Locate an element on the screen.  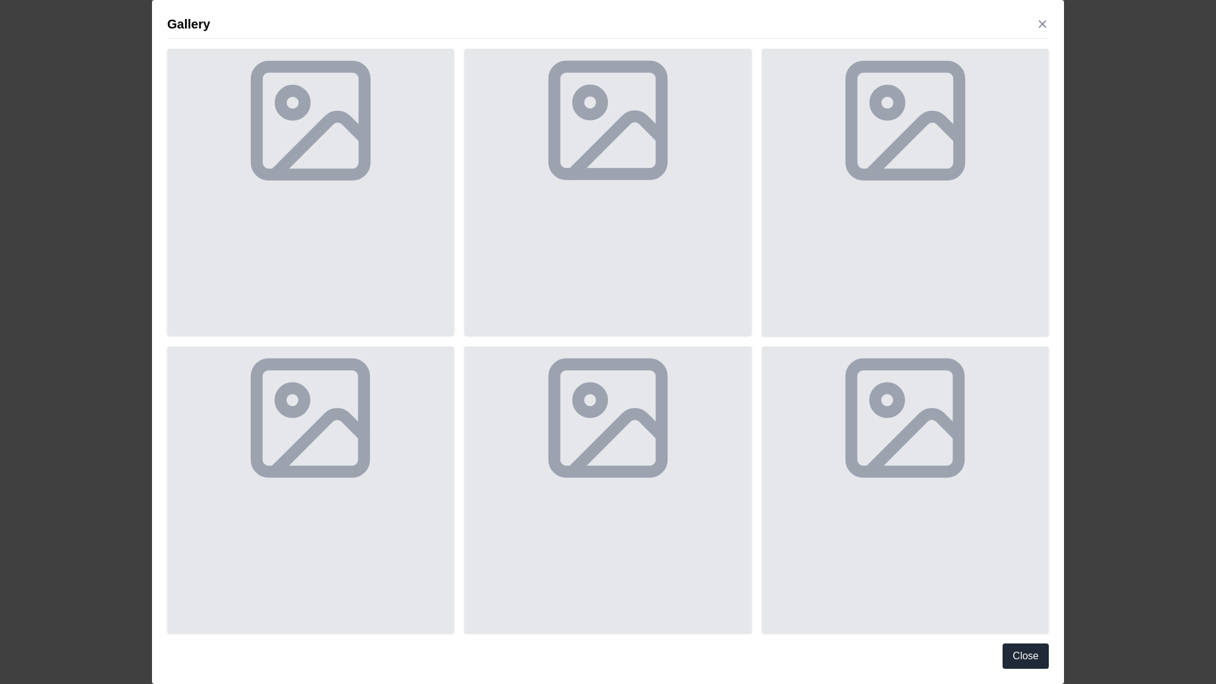
the graphical rectangular shape with rounded corners that serves as a decorative background for the image placeholder is located at coordinates (310, 417).